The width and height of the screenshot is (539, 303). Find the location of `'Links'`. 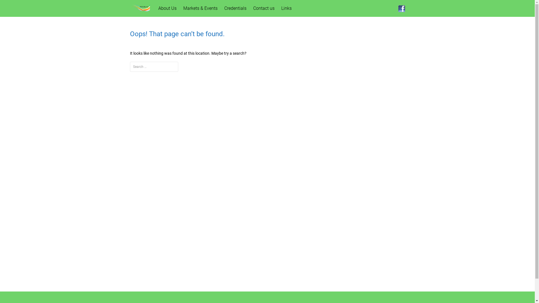

'Links' is located at coordinates (286, 8).